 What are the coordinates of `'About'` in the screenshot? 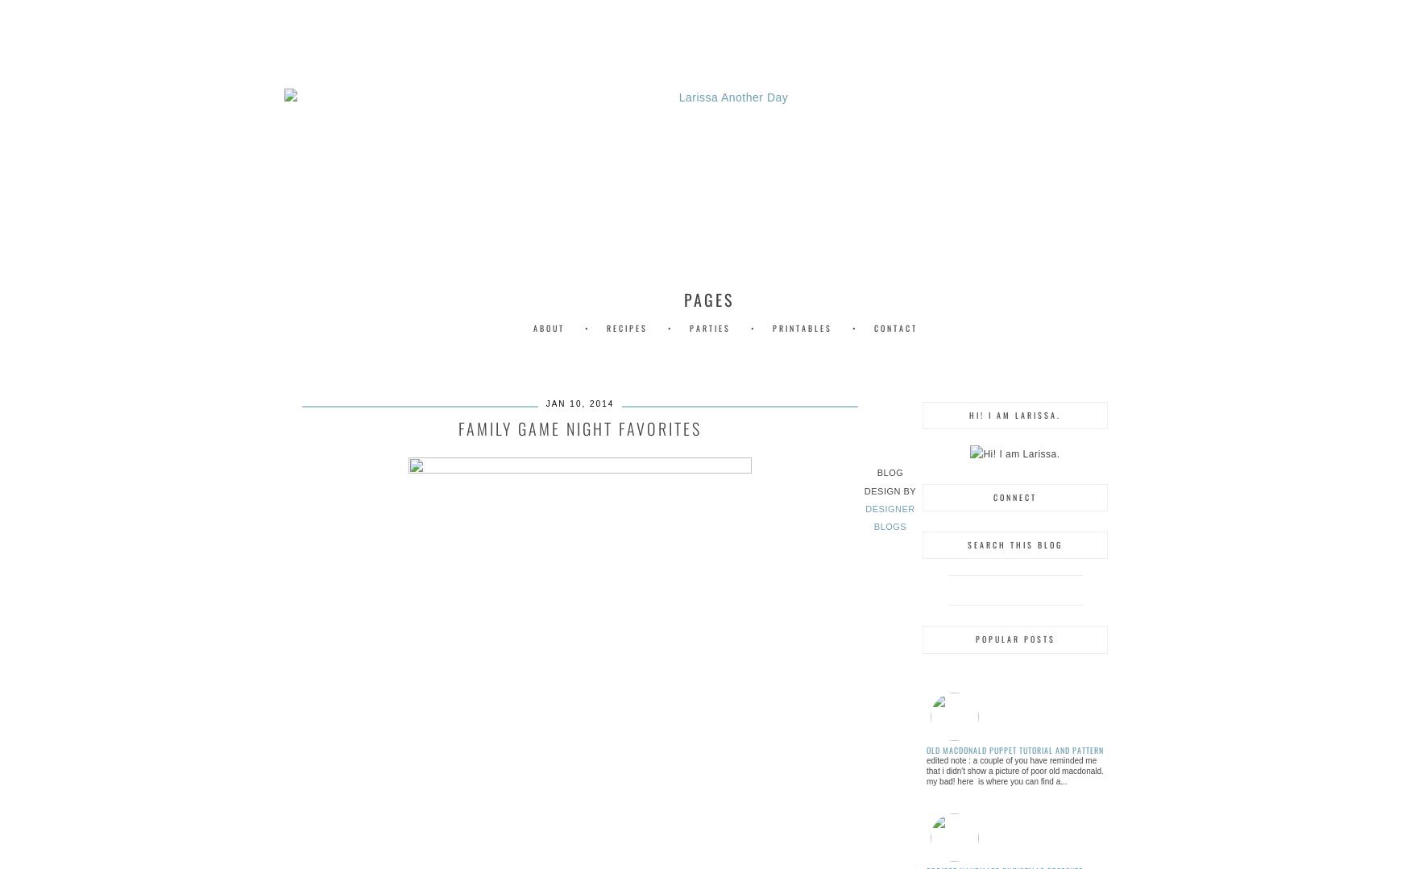 It's located at (547, 327).